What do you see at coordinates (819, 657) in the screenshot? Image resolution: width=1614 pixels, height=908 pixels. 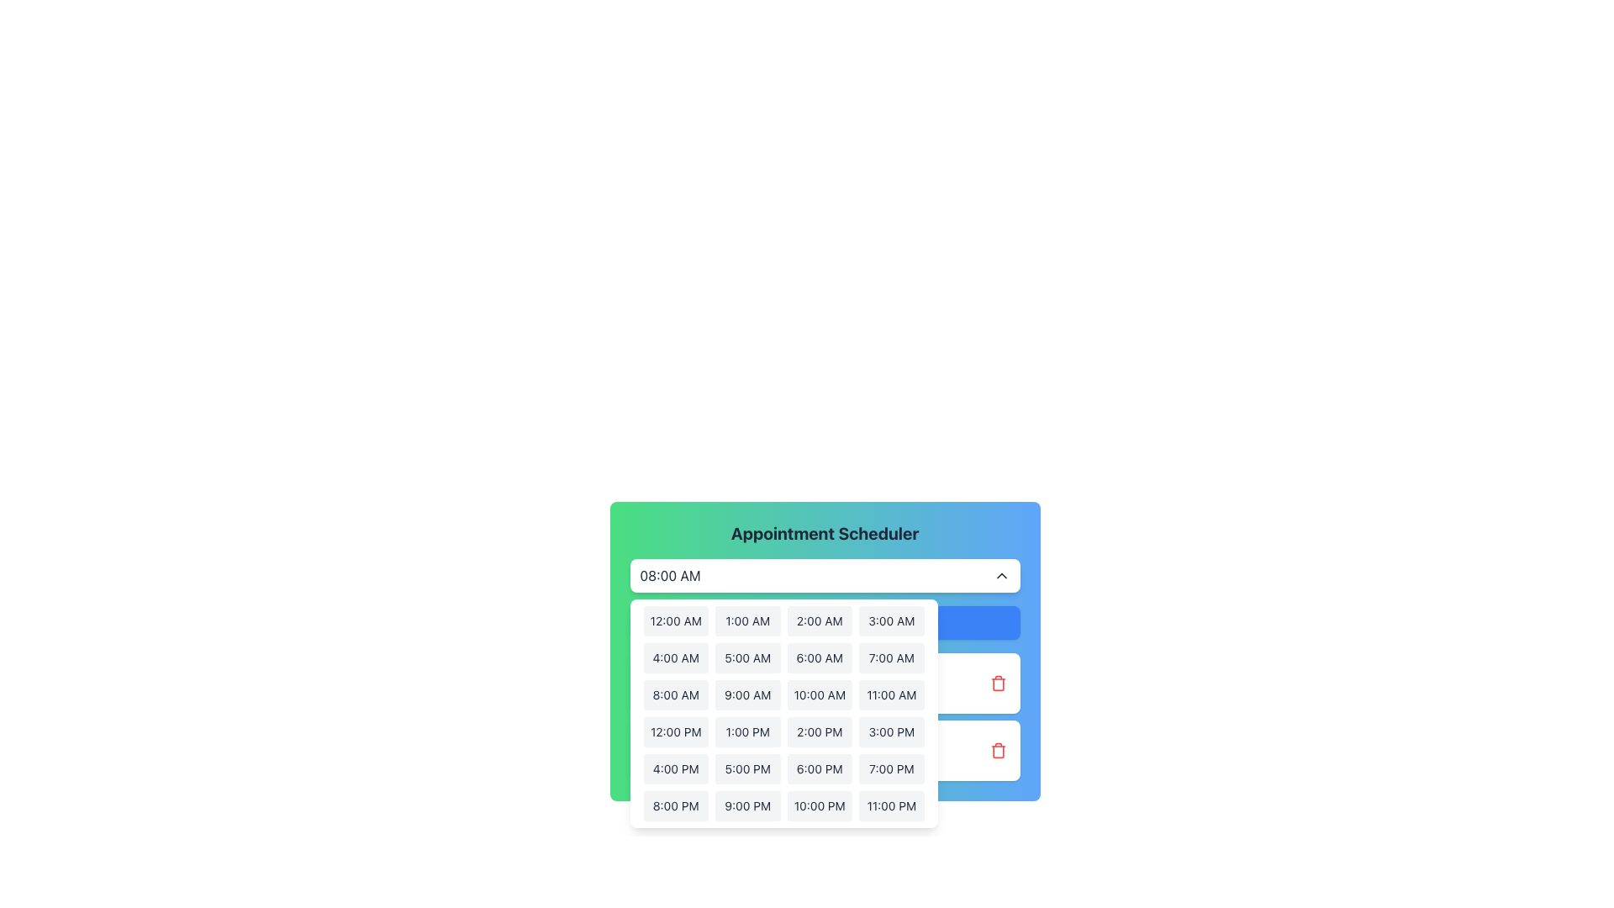 I see `the selectable button for the '6:00 AM' time slot in the Appointment Scheduler dropdown` at bounding box center [819, 657].